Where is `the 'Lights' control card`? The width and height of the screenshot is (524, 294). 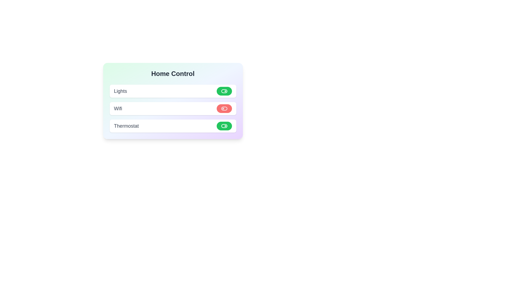
the 'Lights' control card is located at coordinates (172, 91).